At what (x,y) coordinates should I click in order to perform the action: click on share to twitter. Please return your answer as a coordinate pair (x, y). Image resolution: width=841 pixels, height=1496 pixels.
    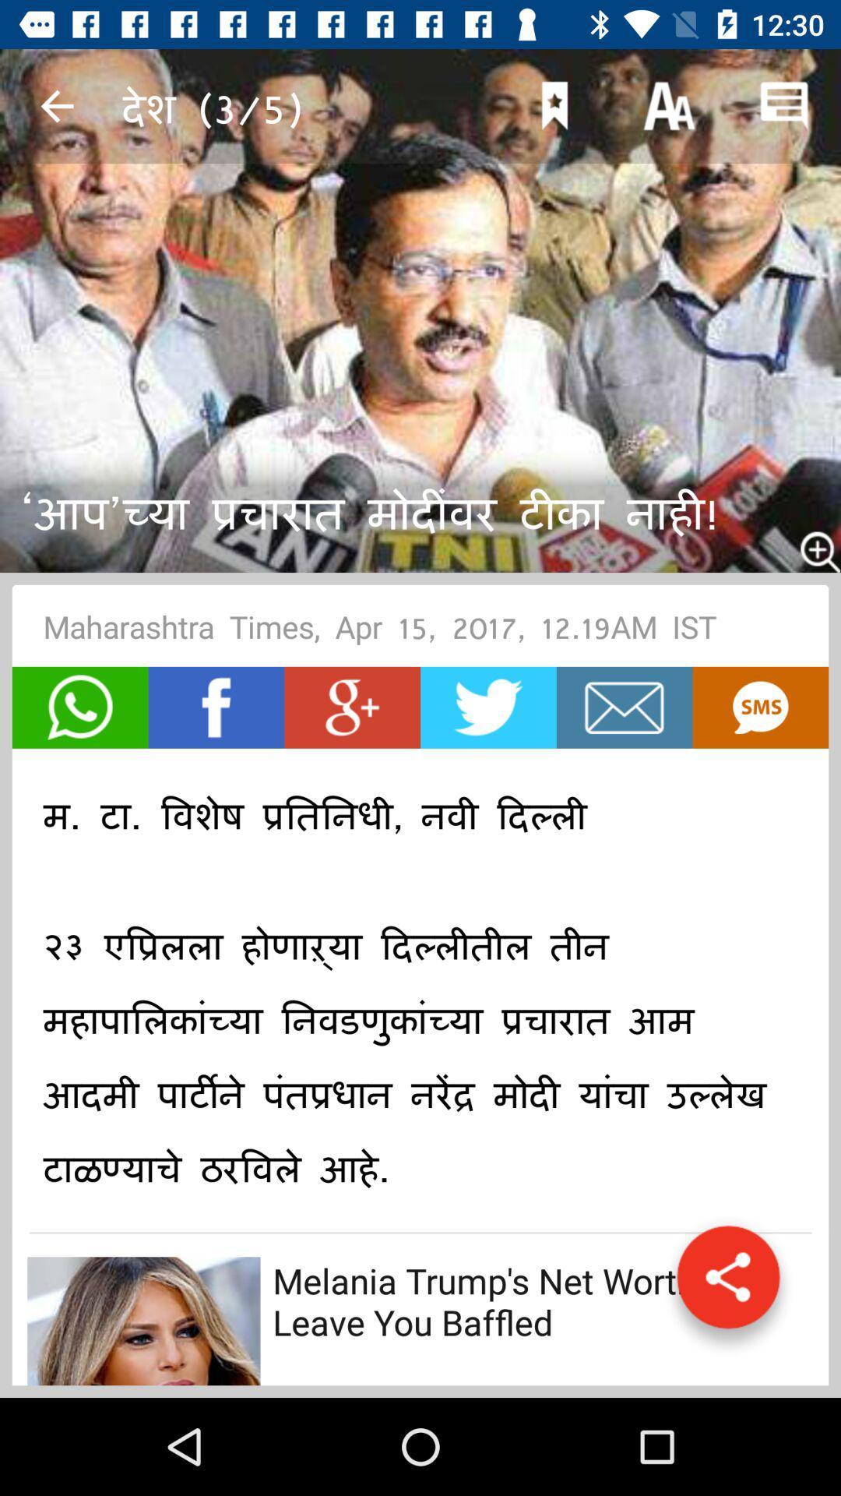
    Looking at the image, I should click on (487, 707).